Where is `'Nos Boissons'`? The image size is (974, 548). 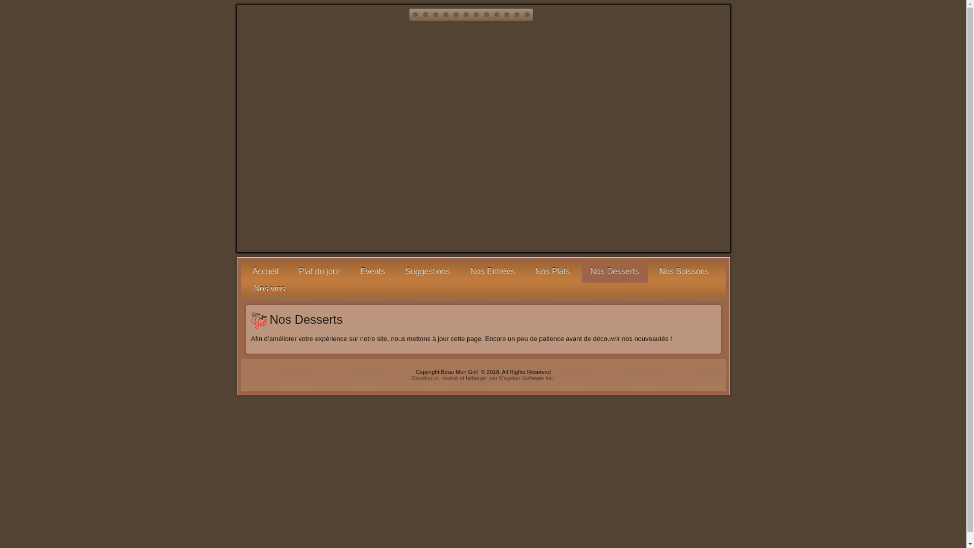
'Nos Boissons' is located at coordinates (684, 271).